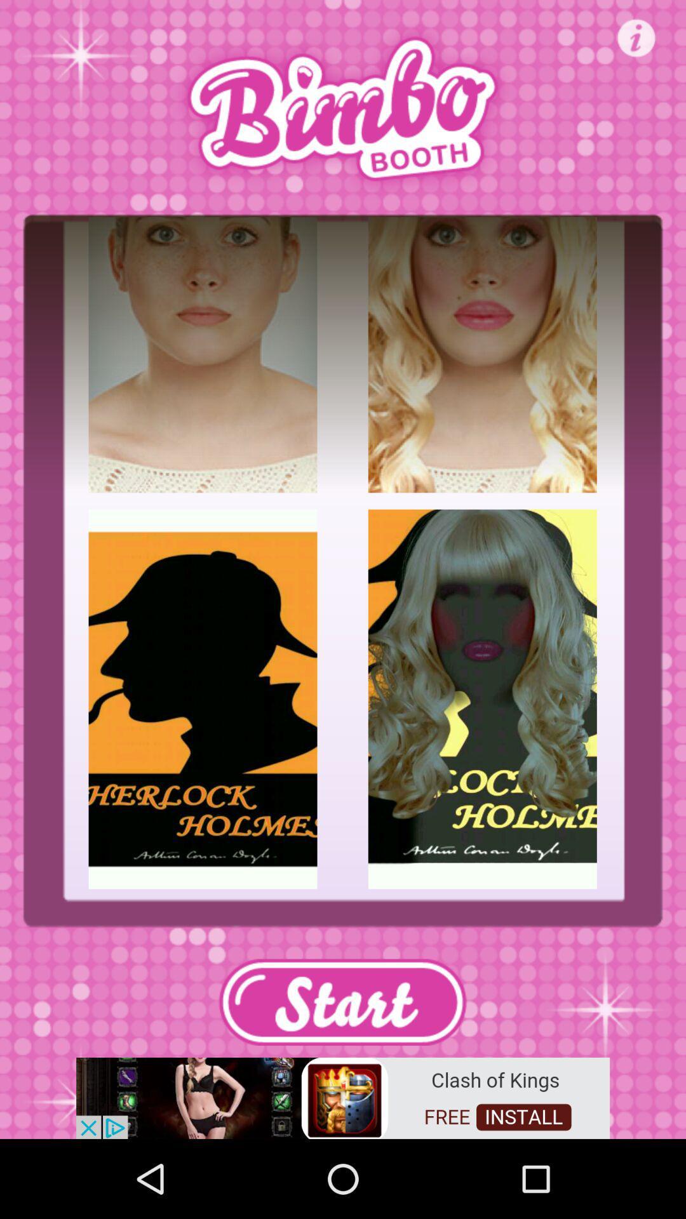  I want to click on information option, so click(636, 37).